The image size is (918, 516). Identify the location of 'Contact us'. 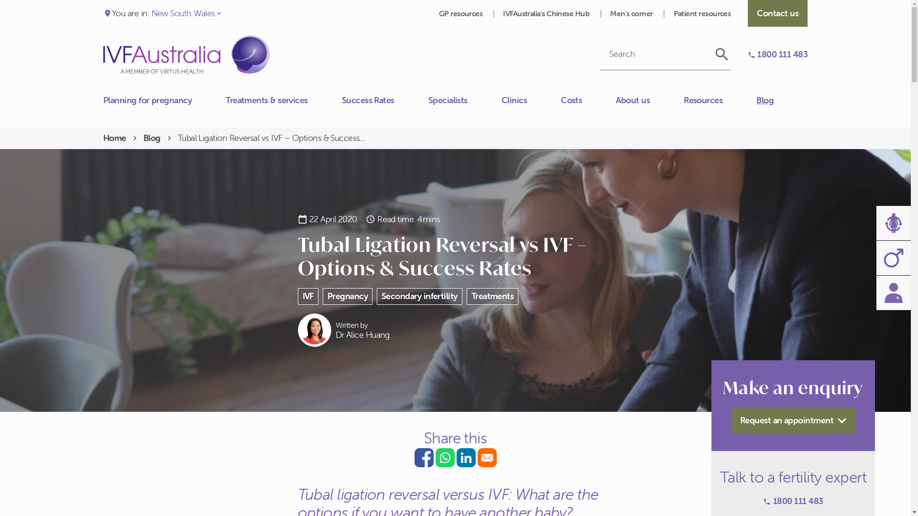
(777, 13).